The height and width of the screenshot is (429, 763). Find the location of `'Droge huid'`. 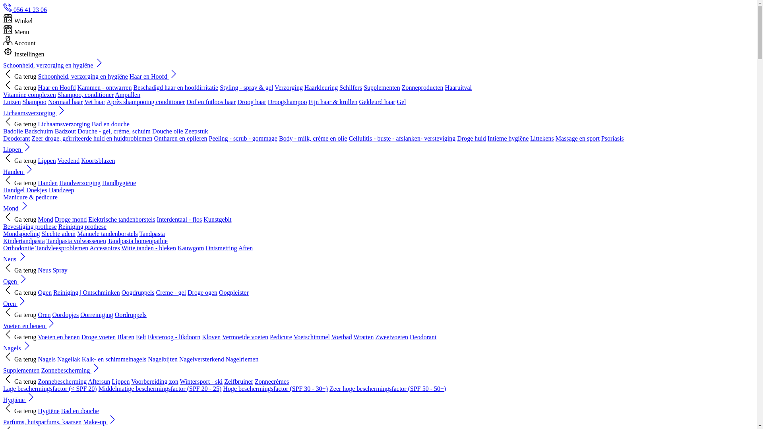

'Droge huid' is located at coordinates (471, 138).